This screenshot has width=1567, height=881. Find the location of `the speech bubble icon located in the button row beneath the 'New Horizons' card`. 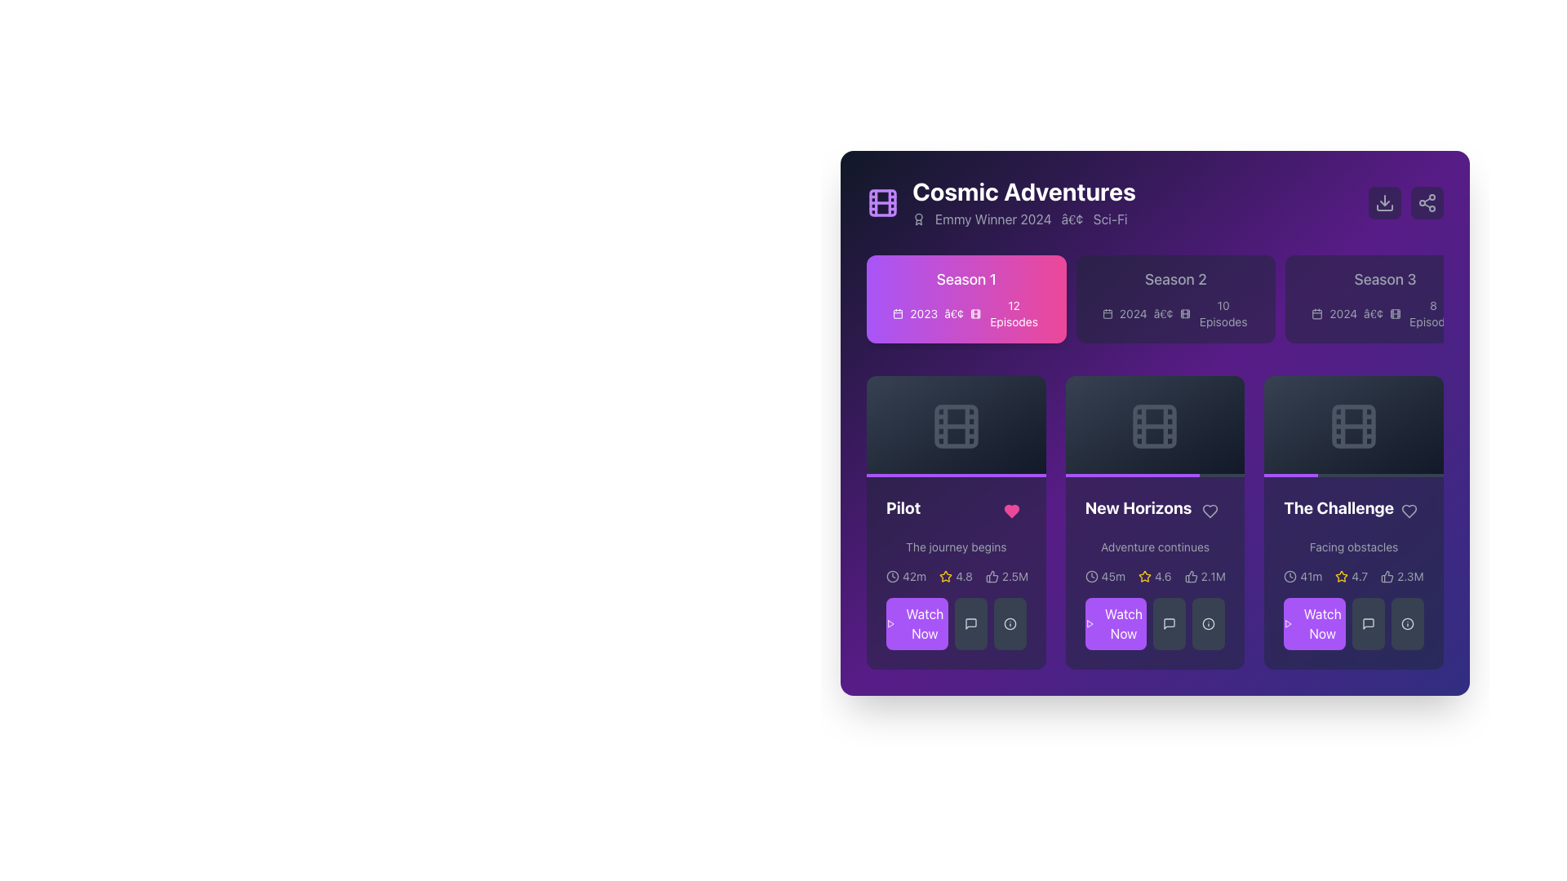

the speech bubble icon located in the button row beneath the 'New Horizons' card is located at coordinates (1169, 623).